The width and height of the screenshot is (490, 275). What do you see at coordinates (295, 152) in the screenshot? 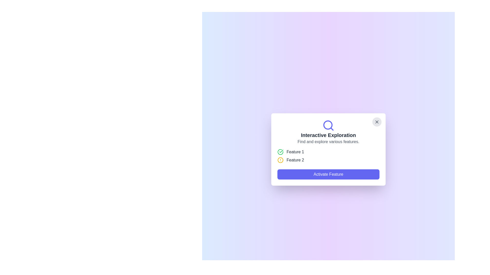
I see `the text label that reads 'Feature 1', which is displayed in dark-gray font next to a green checkmark icon` at bounding box center [295, 152].